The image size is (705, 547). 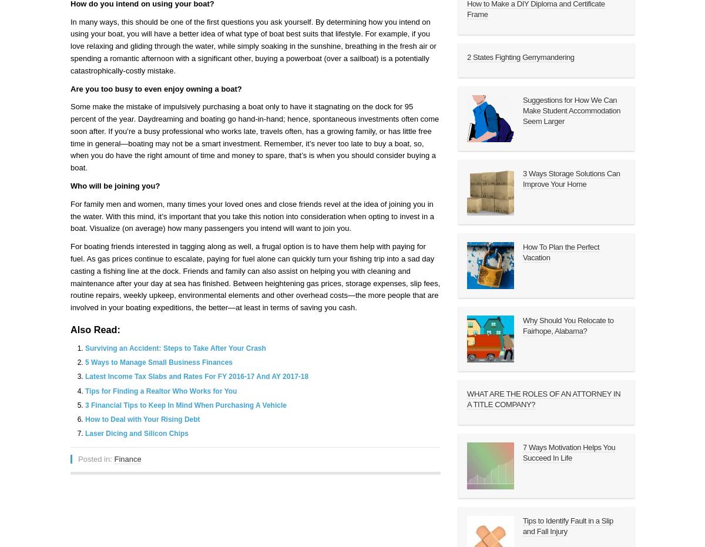 I want to click on '2 States Fighting Gerrymandering', so click(x=519, y=57).